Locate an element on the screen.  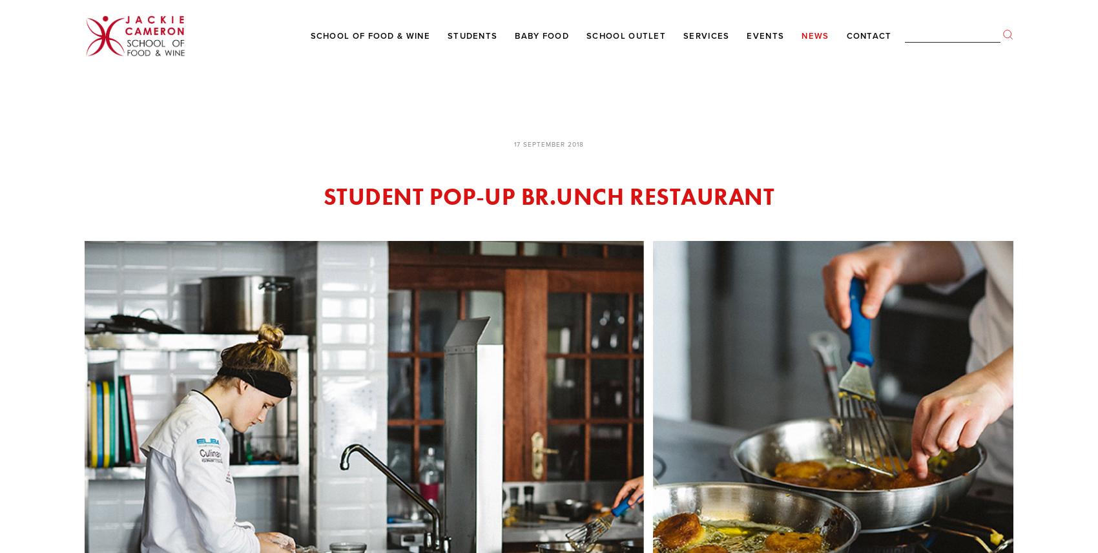
'Contact' is located at coordinates (869, 34).